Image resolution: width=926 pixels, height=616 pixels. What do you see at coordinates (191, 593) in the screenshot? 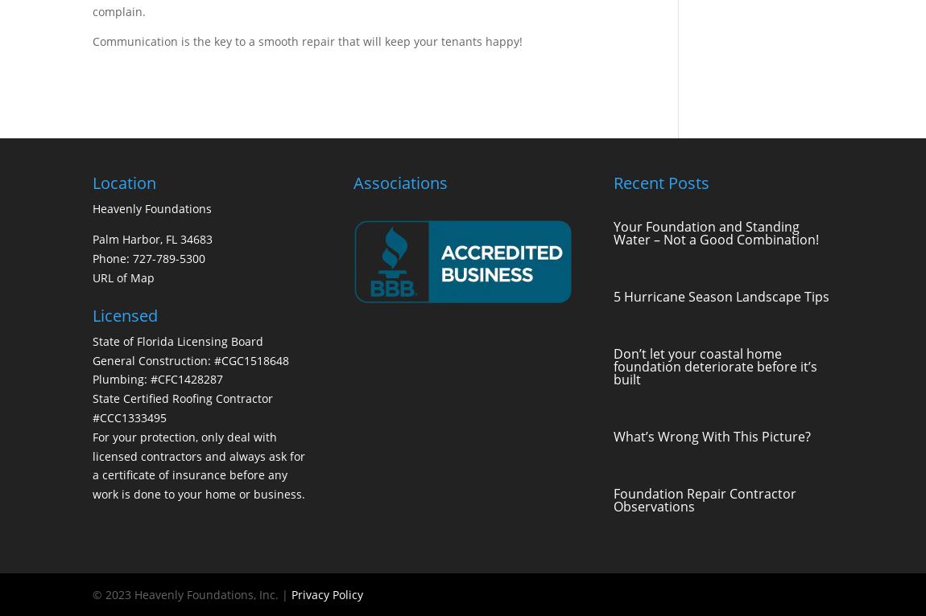
I see `'© 2023 Heavenly Foundations, Inc. |'` at bounding box center [191, 593].